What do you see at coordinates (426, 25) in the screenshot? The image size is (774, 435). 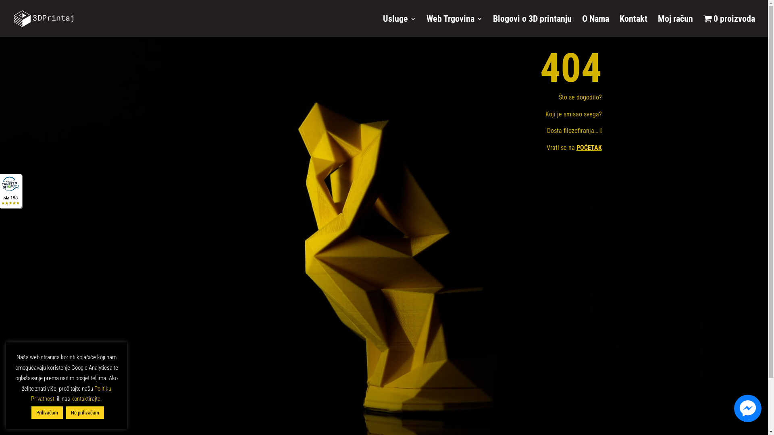 I see `'Web Trgovina'` at bounding box center [426, 25].